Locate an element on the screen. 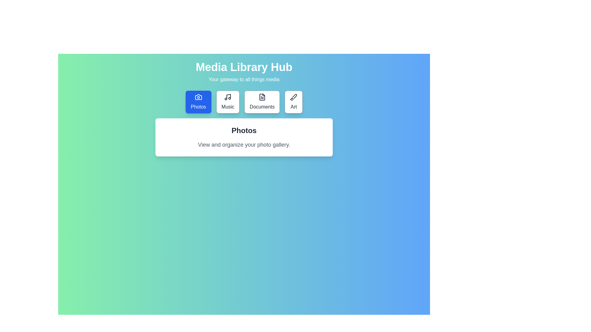 The height and width of the screenshot is (332, 591). the Photos tab to view its content is located at coordinates (198, 101).